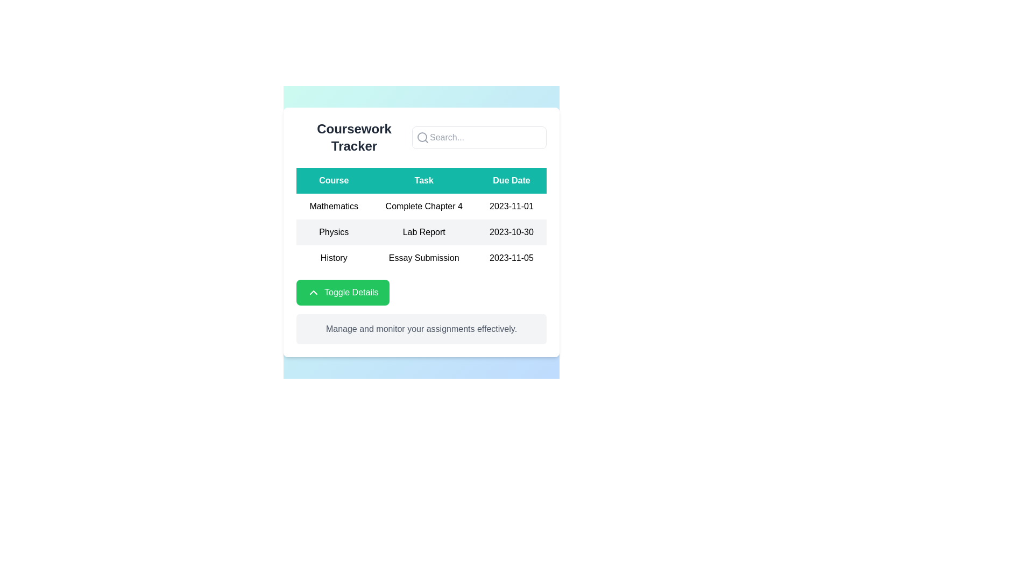 This screenshot has height=581, width=1033. I want to click on the upward pointing chevron icon inside the green 'Toggle Details' button to trigger hover effects, so click(313, 292).